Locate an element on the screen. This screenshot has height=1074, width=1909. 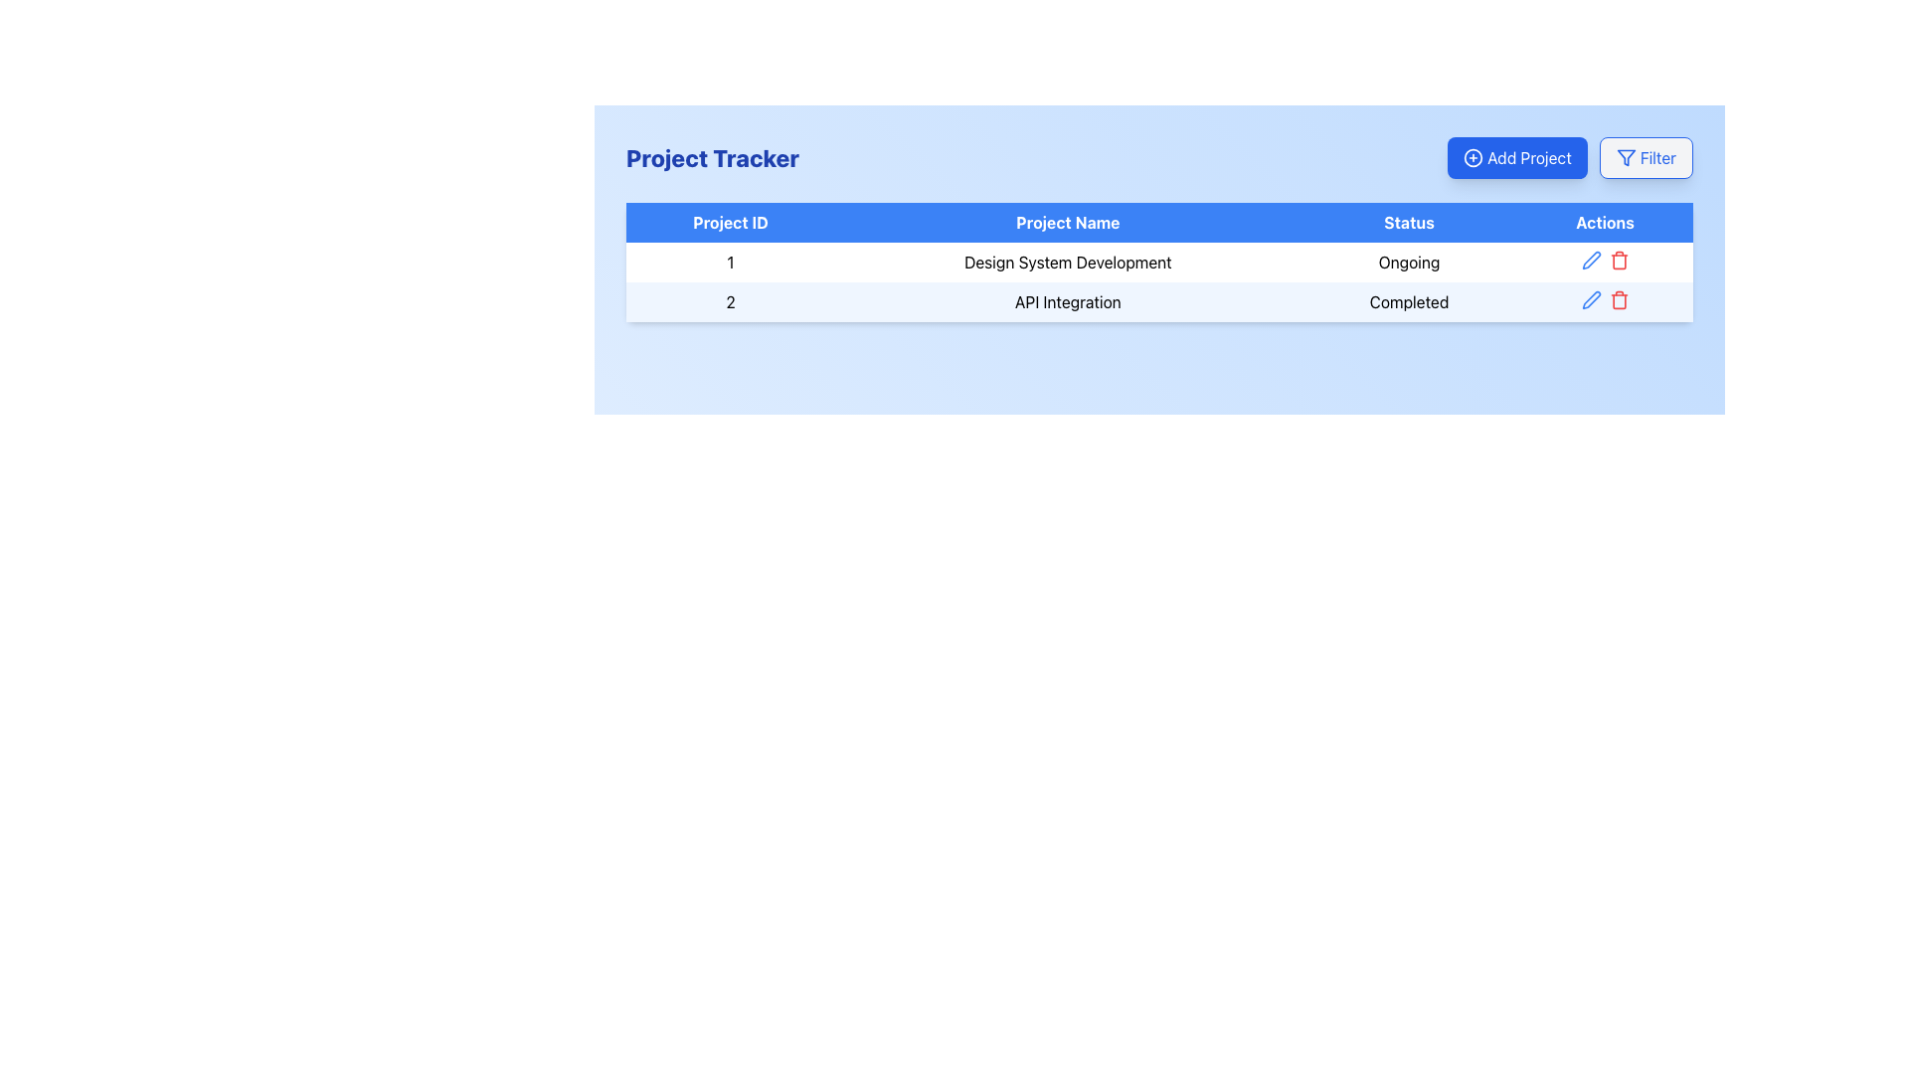
the static text label displaying 'API Integration' located in the 'Project Name' column of the second row (Project ID 2) is located at coordinates (1067, 302).